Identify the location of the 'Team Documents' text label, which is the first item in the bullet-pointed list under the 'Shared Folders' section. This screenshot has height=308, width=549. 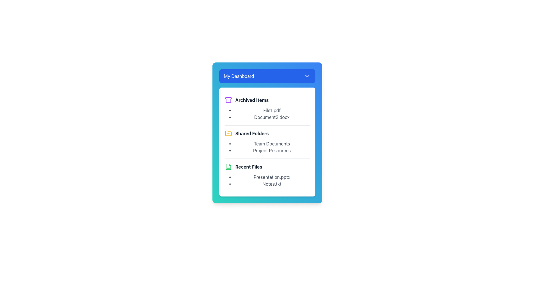
(271, 143).